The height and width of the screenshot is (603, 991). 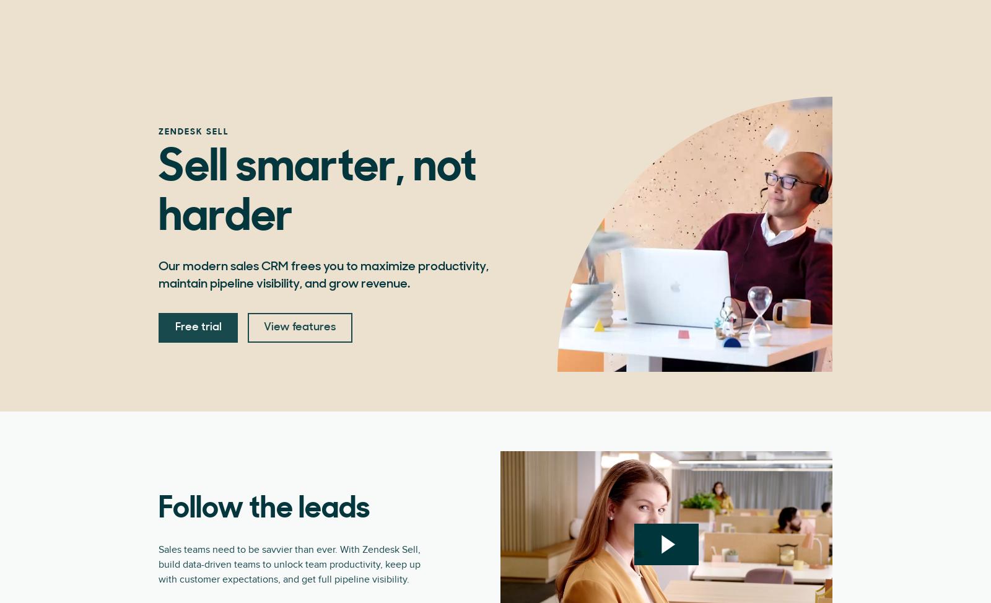 I want to click on 'Solutions', so click(x=530, y=24).